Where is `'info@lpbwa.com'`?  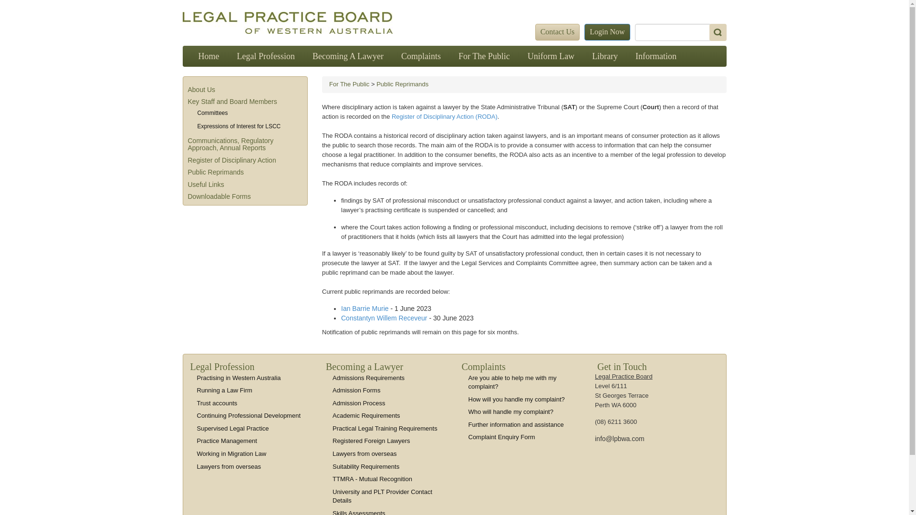
'info@lpbwa.com' is located at coordinates (594, 439).